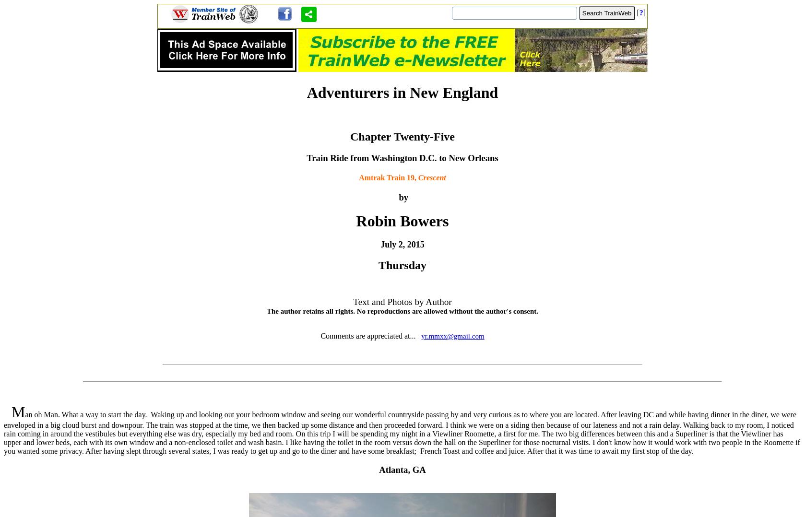 The image size is (805, 517). Describe the element at coordinates (369, 335) in the screenshot. I see `'Comments are appreciated at...'` at that location.